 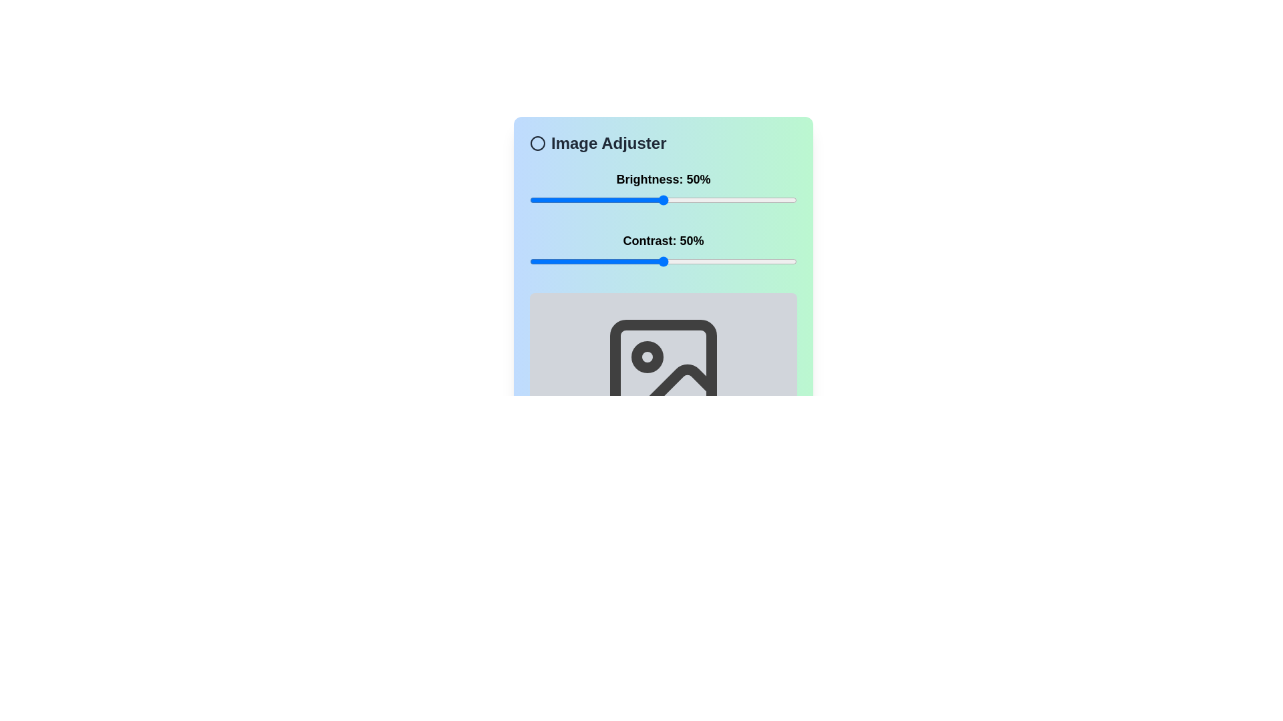 What do you see at coordinates (765, 200) in the screenshot?
I see `the brightness slider to 88%` at bounding box center [765, 200].